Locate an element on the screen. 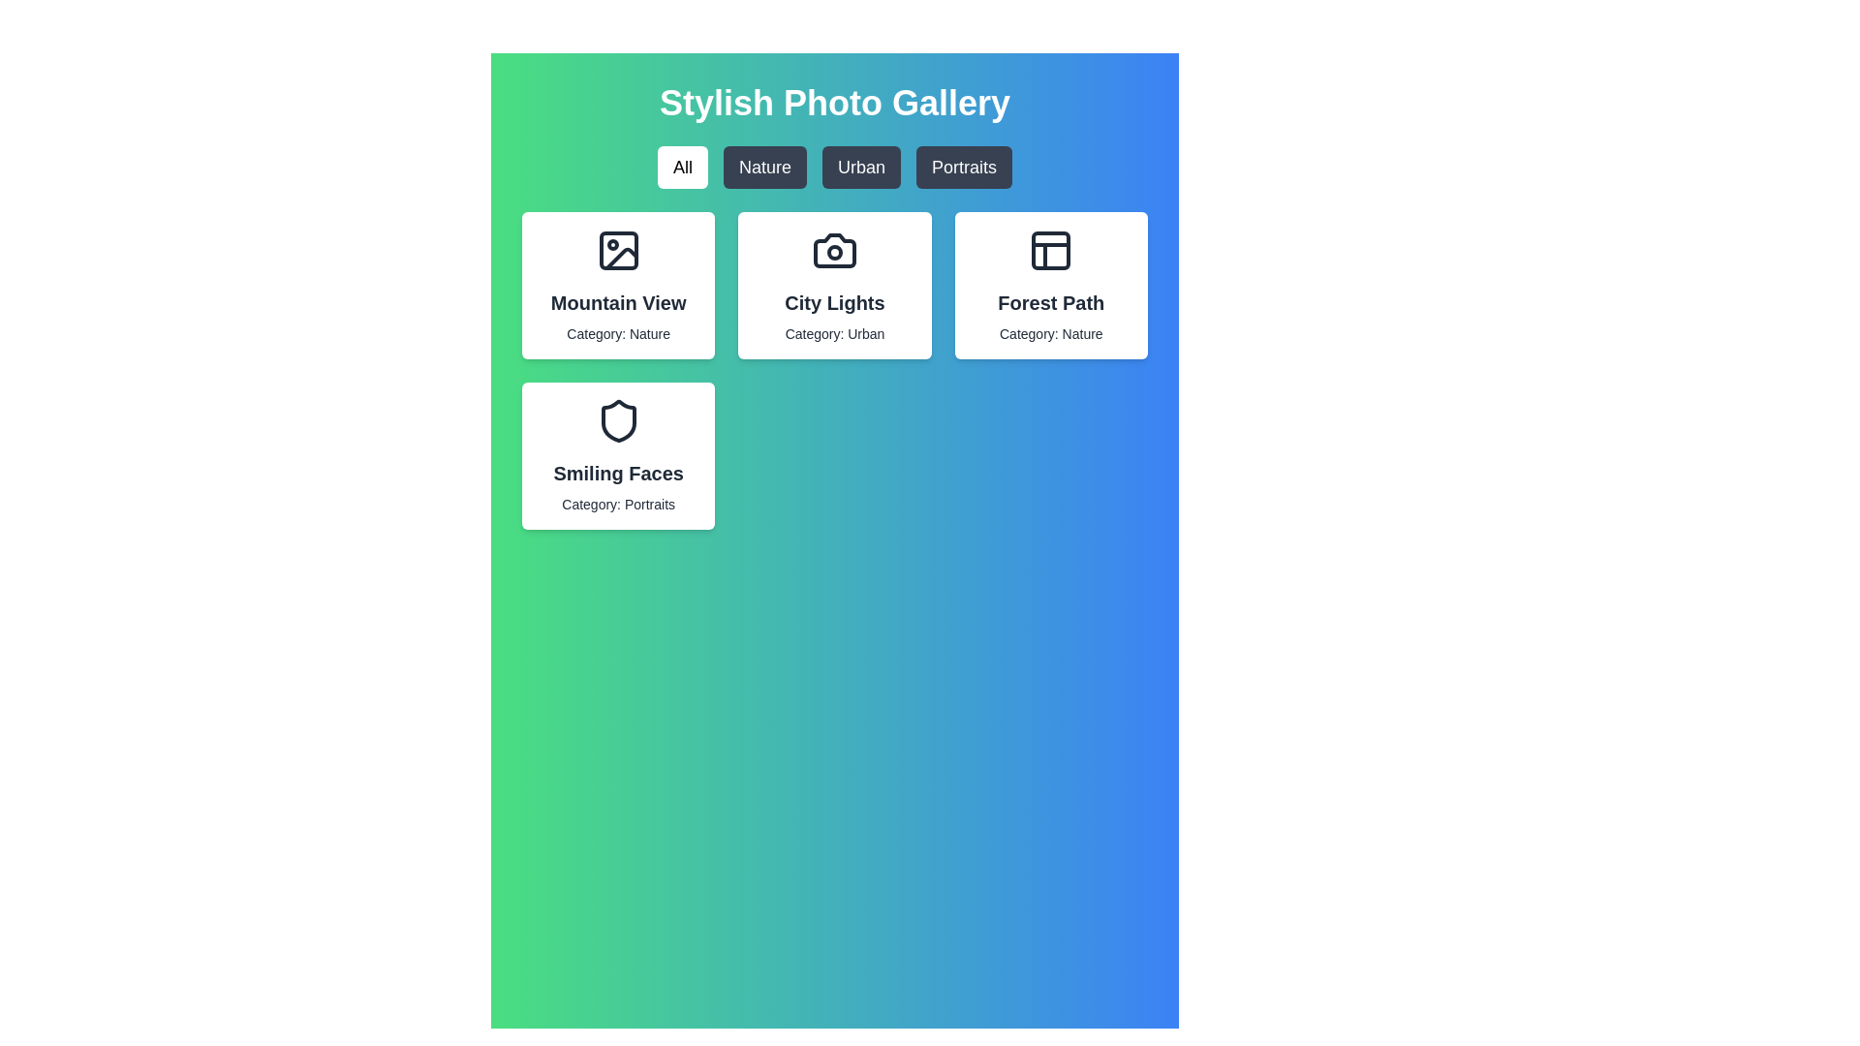  the SVG icon depicting a simplified image placeholder within the 'Mountain View' card is located at coordinates (617, 249).